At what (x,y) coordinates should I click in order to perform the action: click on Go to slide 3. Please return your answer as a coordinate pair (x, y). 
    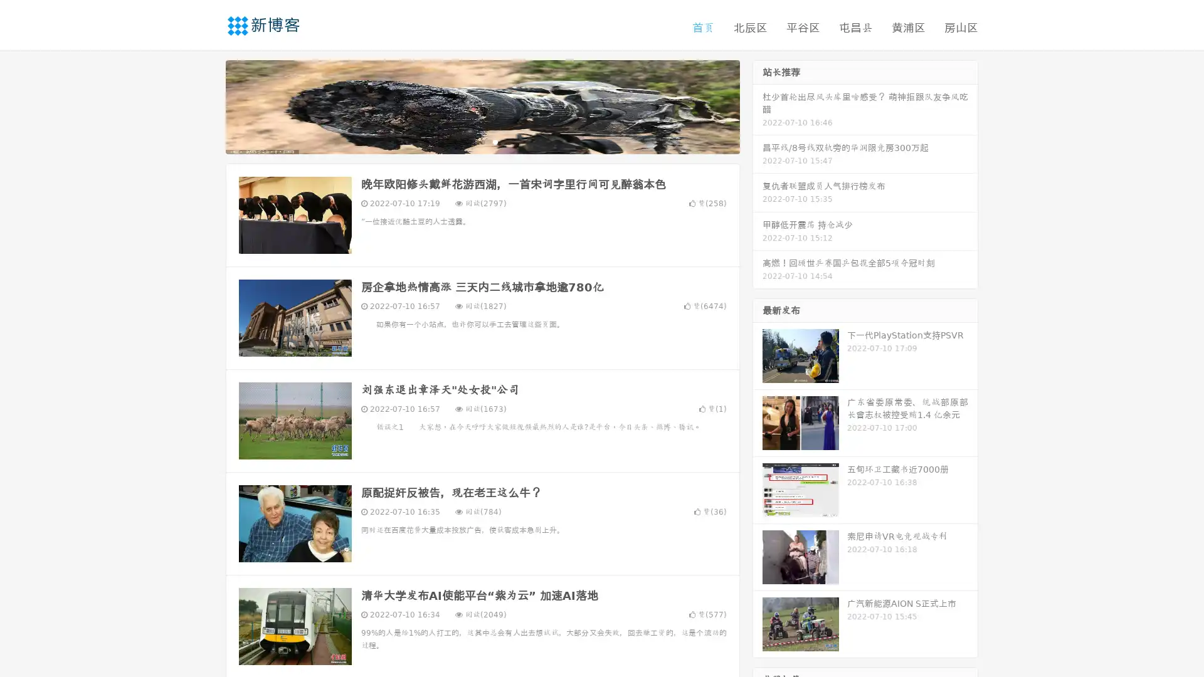
    Looking at the image, I should click on (495, 141).